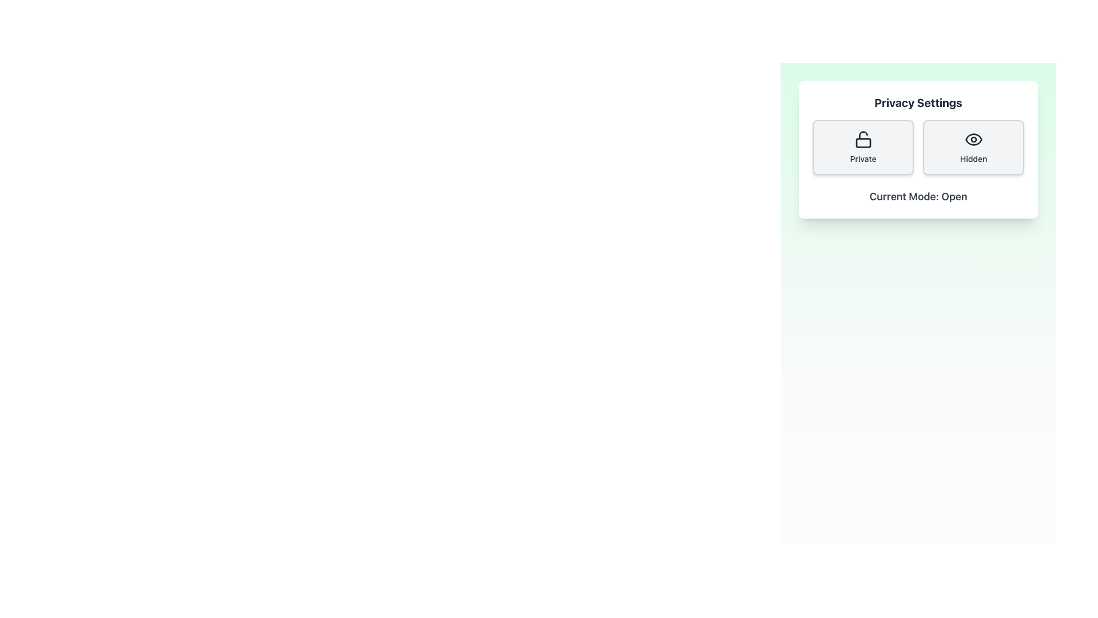  I want to click on the 'Private' text label, which is styled in a small font size and medium weight, located below the lock icon in the privacy settings component, so click(863, 159).